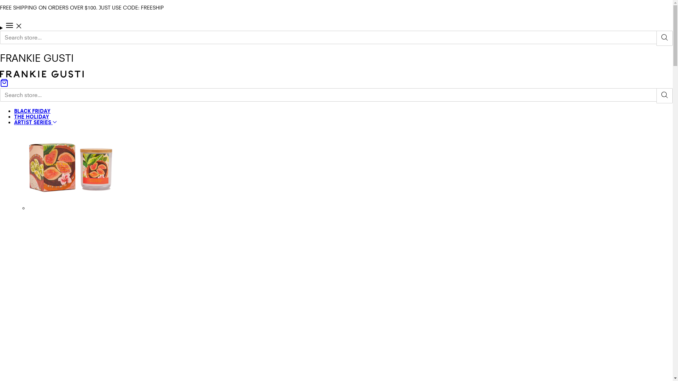 The height and width of the screenshot is (381, 678). What do you see at coordinates (31, 116) in the screenshot?
I see `'THE HOLIDAY'` at bounding box center [31, 116].